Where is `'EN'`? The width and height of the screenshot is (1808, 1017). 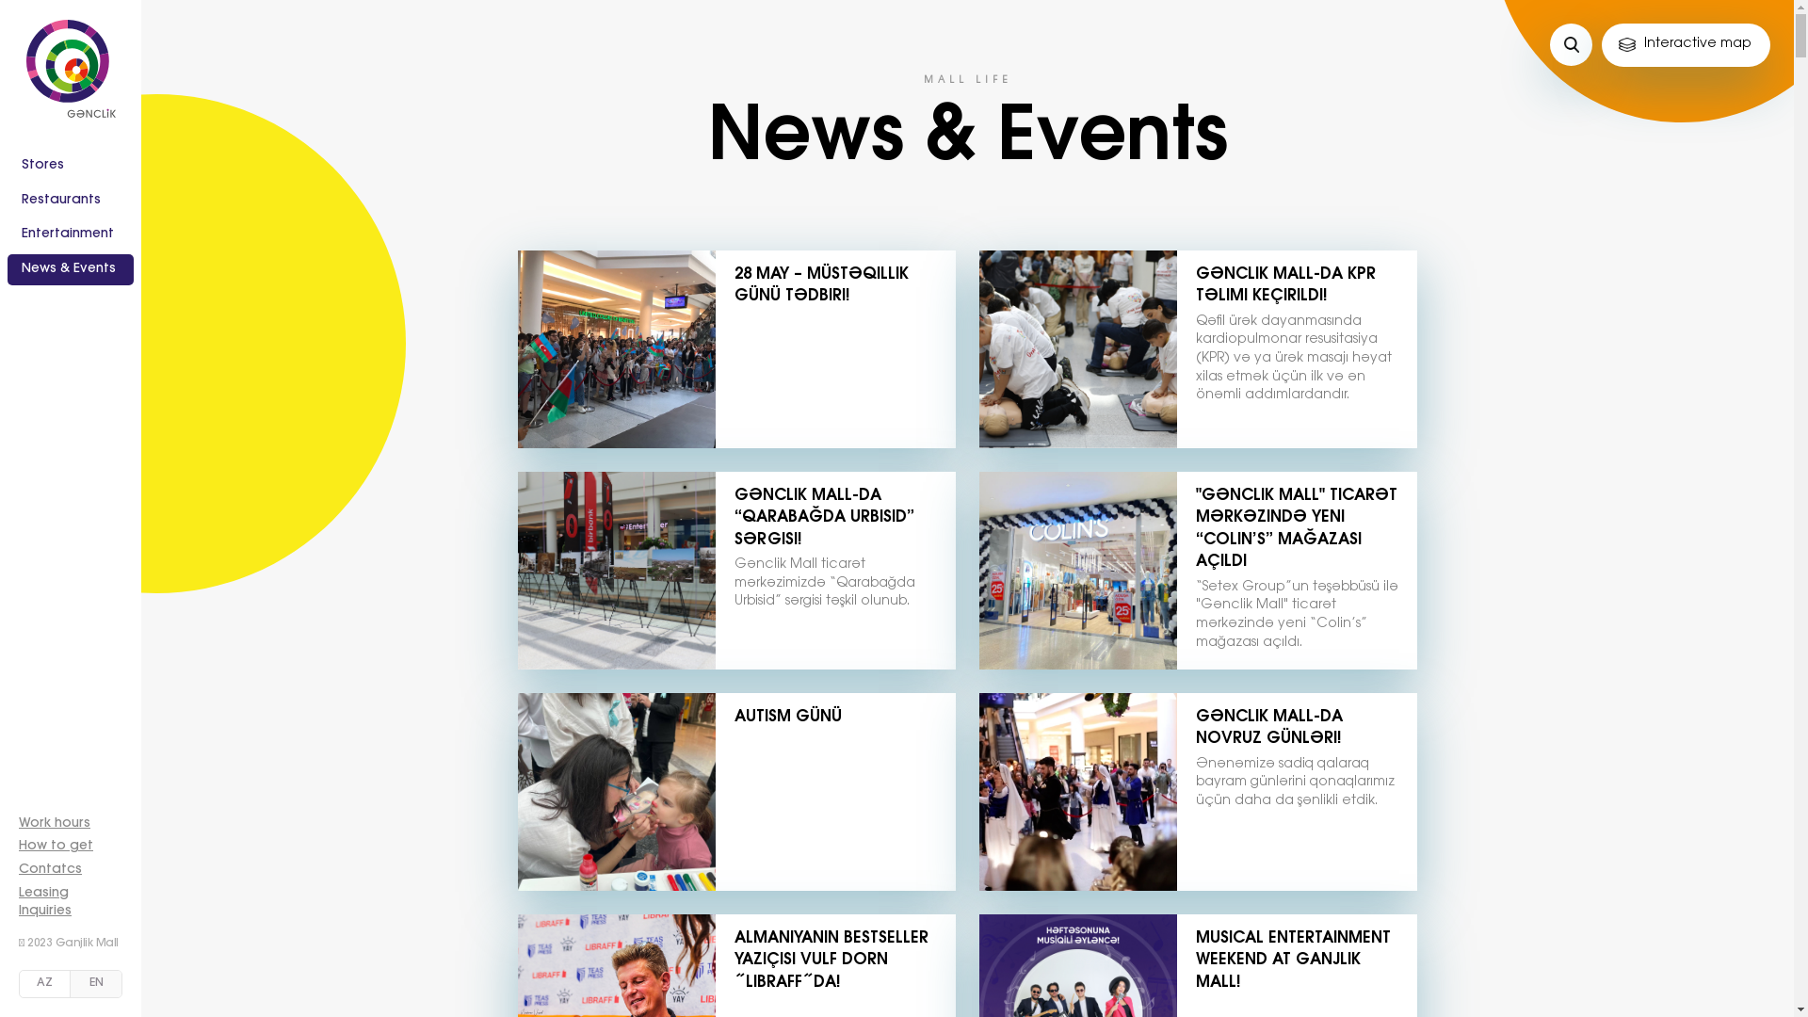 'EN' is located at coordinates (94, 983).